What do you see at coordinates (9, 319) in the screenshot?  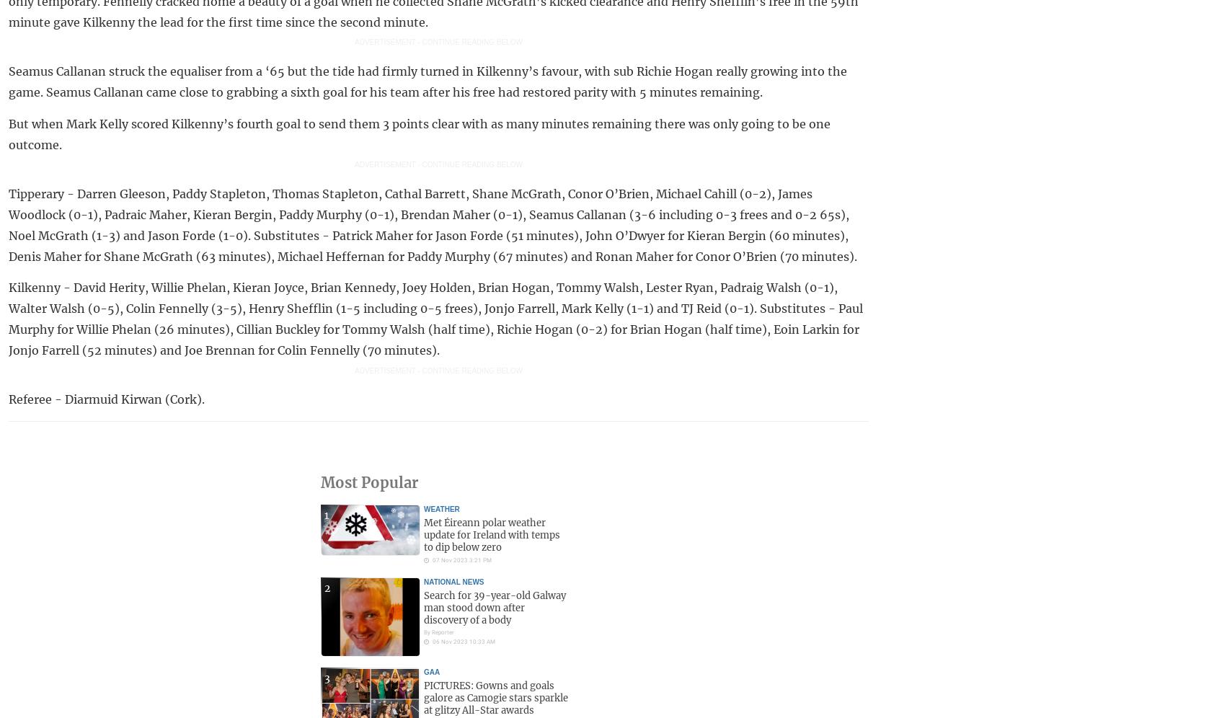 I see `'Kilkenny - David Herity, Willie Phelan, Kieran Joyce, Brian Kennedy, Joey Holden, Brian Hogan, Tommy Walsh, Lester Ryan, Padraig Walsh (0-1), Walter Walsh (0-5), Colin Fennelly (3-5), Henry Shefflin (1-5 including 0-5 frees), Jonjo Farrell, Mark Kelly (1-1) and TJ Reid (0-1). Substitutes - Paul Murphy for Willie Phelan (26 minutes), Cillian Buckley for Tommy Walsh (half time), Richie Hogan (0-2) for Brian Hogan (half time), Eoin Larkin for Jonjo Farrell (52 minutes) and Joe Brennan for Colin Fennelly (70 minutes).'` at bounding box center [9, 319].